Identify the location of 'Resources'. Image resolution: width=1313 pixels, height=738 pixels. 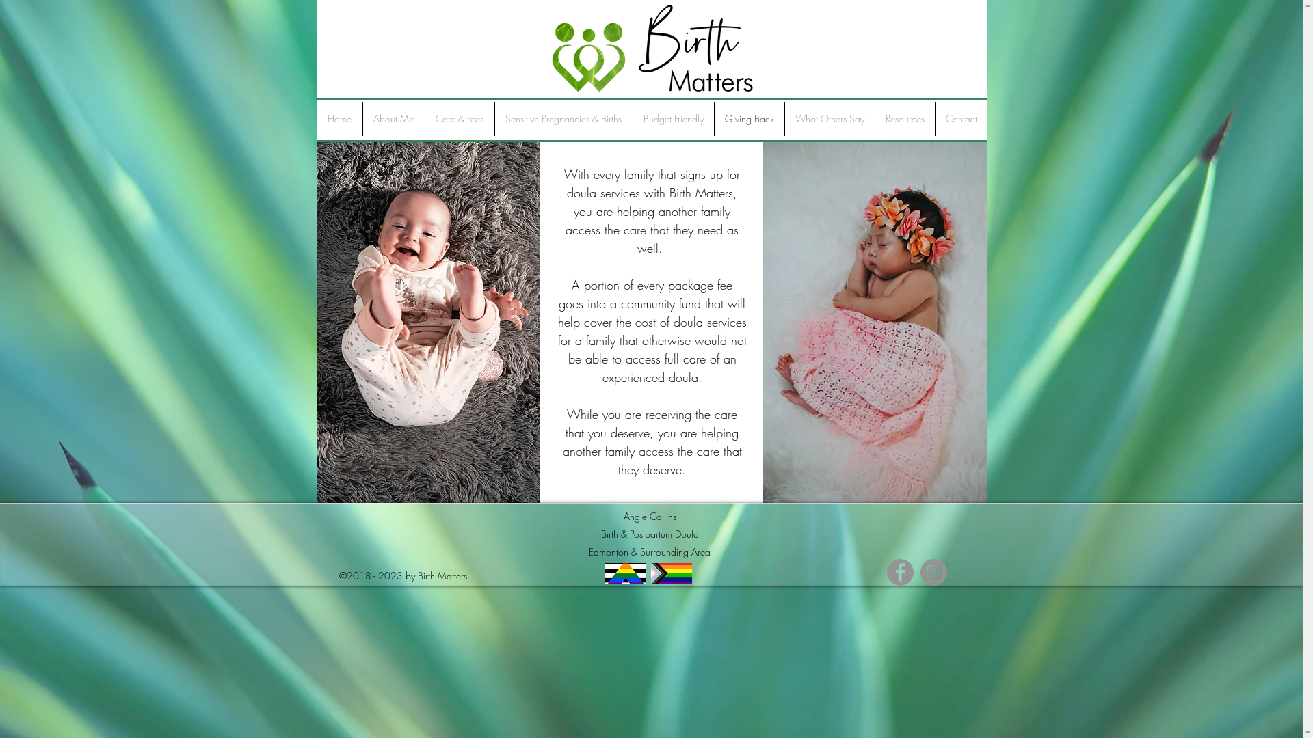
(905, 118).